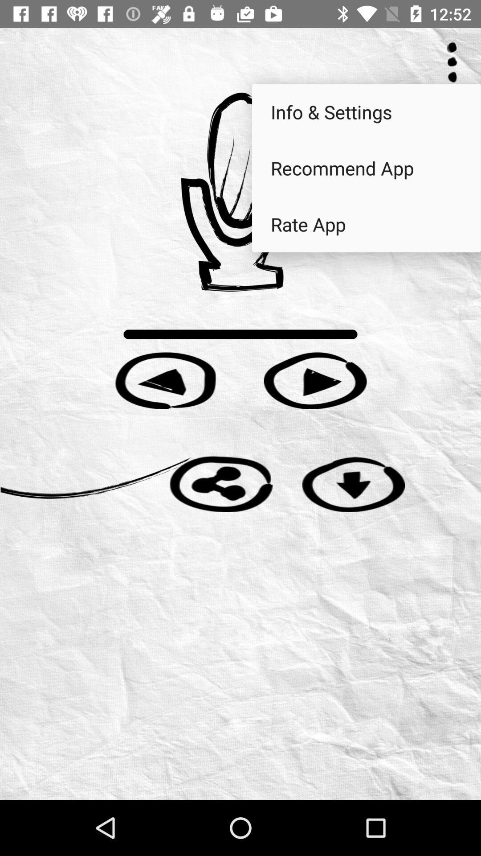 This screenshot has width=481, height=856. What do you see at coordinates (315, 381) in the screenshot?
I see `talk forward` at bounding box center [315, 381].